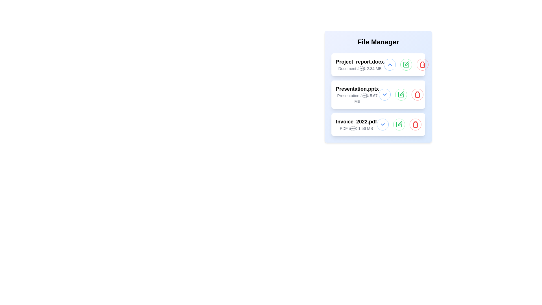 The image size is (542, 305). Describe the element at coordinates (383, 124) in the screenshot. I see `chevron button to toggle the active state of the file Invoice_2022.pdf` at that location.